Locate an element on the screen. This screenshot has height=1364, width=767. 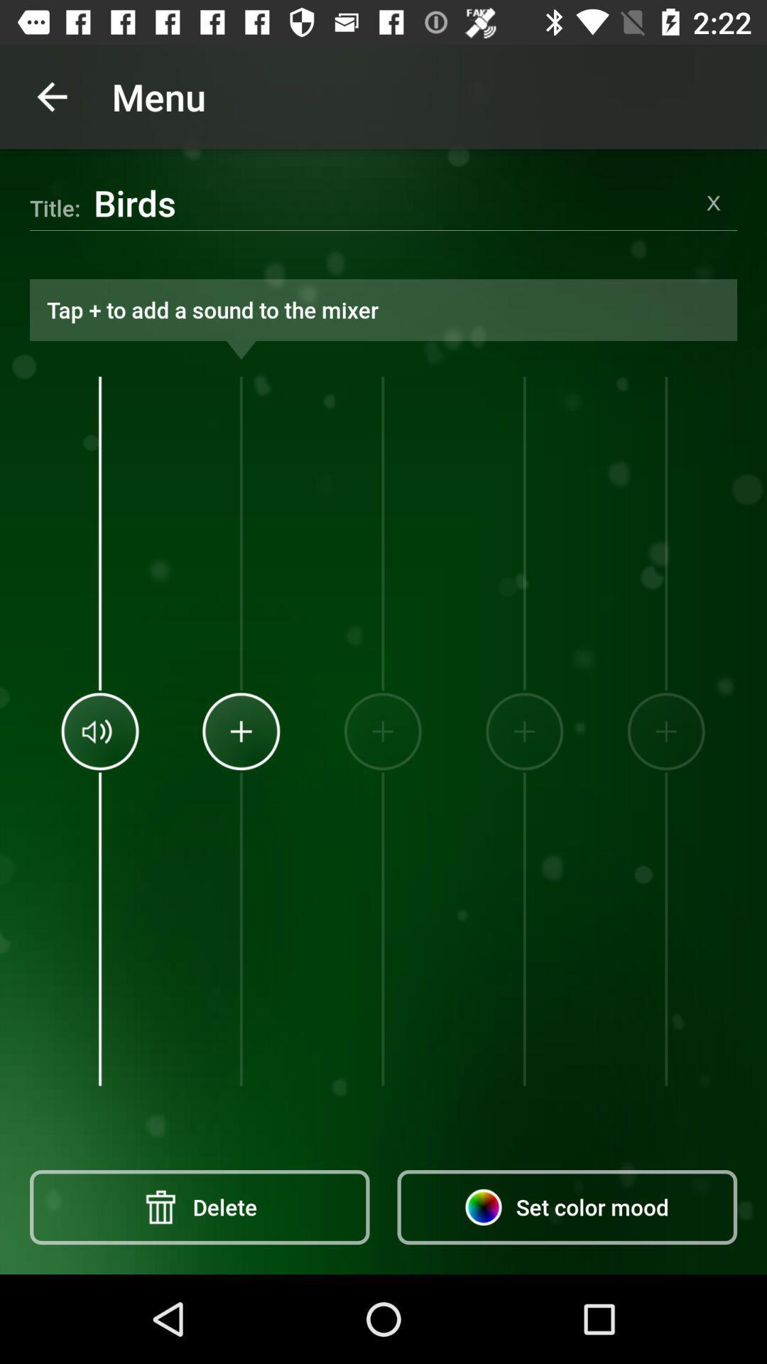
icon to the right of the birds icon is located at coordinates (714, 202).